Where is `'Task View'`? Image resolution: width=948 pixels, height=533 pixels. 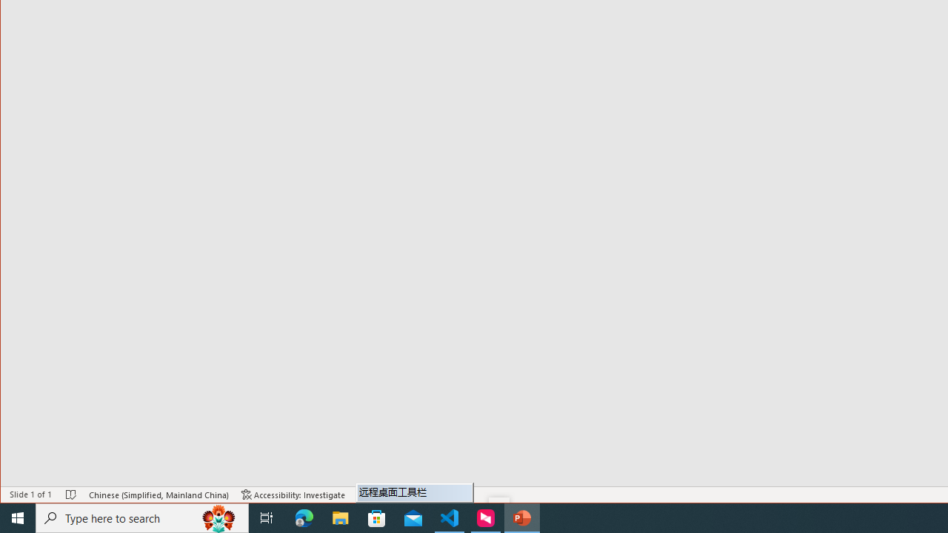 'Task View' is located at coordinates (266, 517).